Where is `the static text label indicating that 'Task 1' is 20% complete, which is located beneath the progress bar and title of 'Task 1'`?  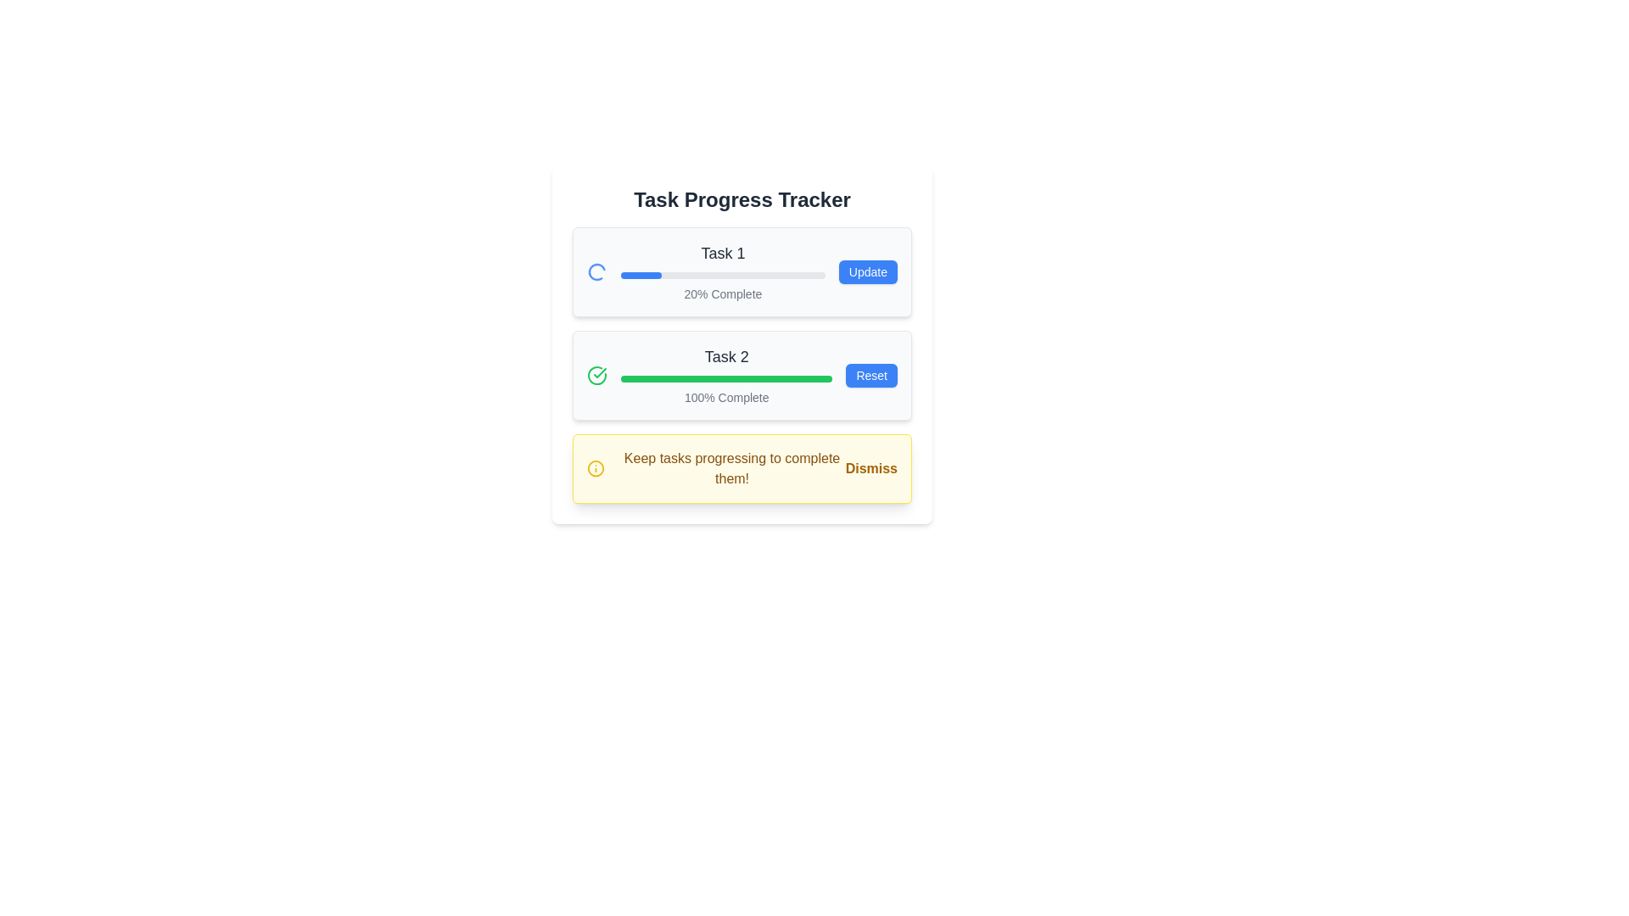
the static text label indicating that 'Task 1' is 20% complete, which is located beneath the progress bar and title of 'Task 1' is located at coordinates (723, 293).